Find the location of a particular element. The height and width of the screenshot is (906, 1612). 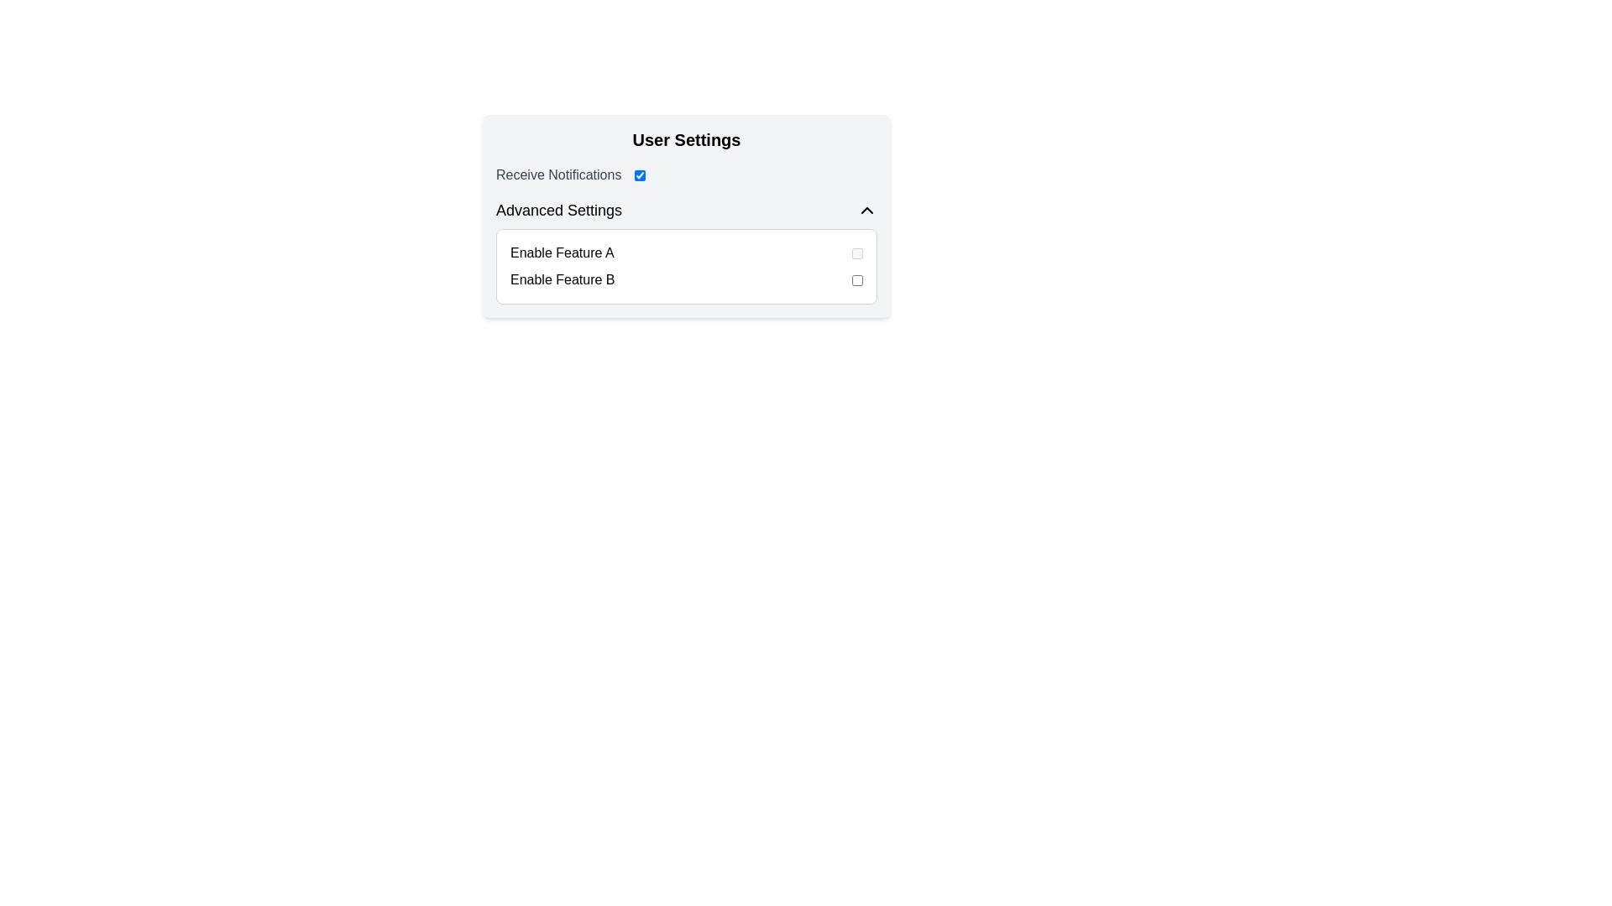

the 'Receive Notifications' text label located in the User Settings interface is located at coordinates (558, 174).